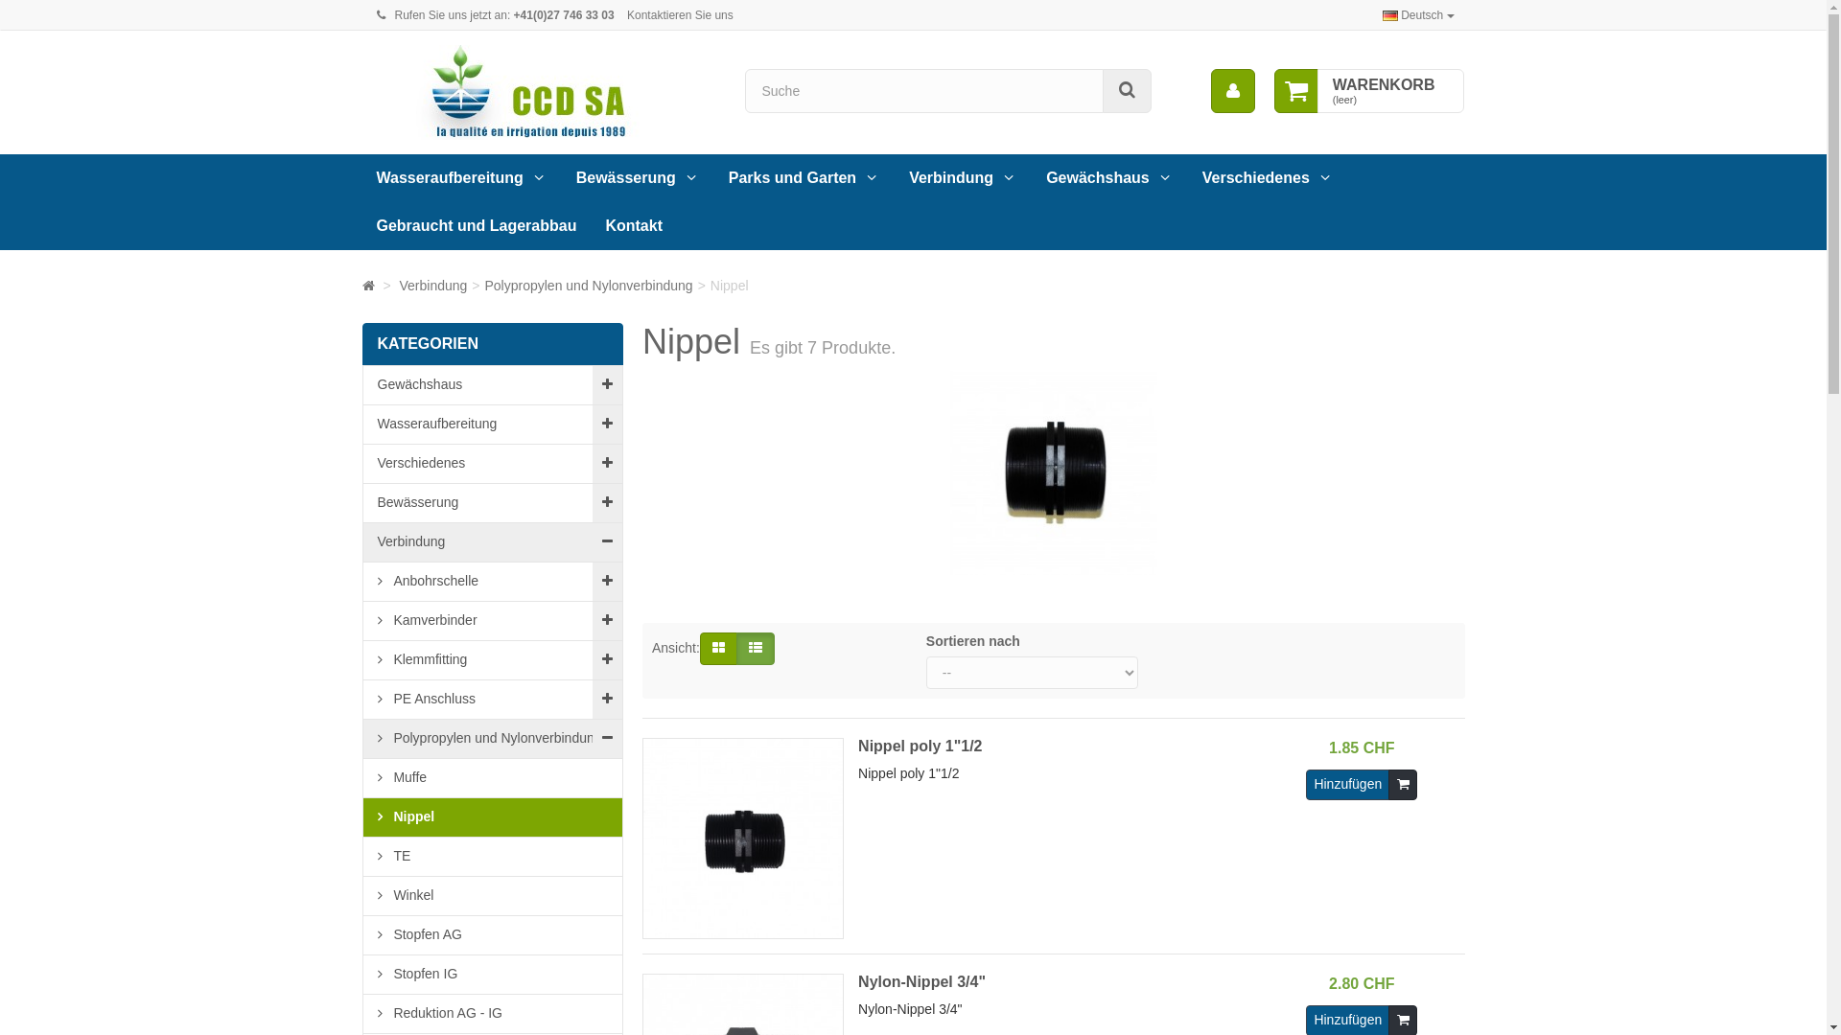 The height and width of the screenshot is (1035, 1841). What do you see at coordinates (461, 177) in the screenshot?
I see `'Wasseraufbereitung'` at bounding box center [461, 177].